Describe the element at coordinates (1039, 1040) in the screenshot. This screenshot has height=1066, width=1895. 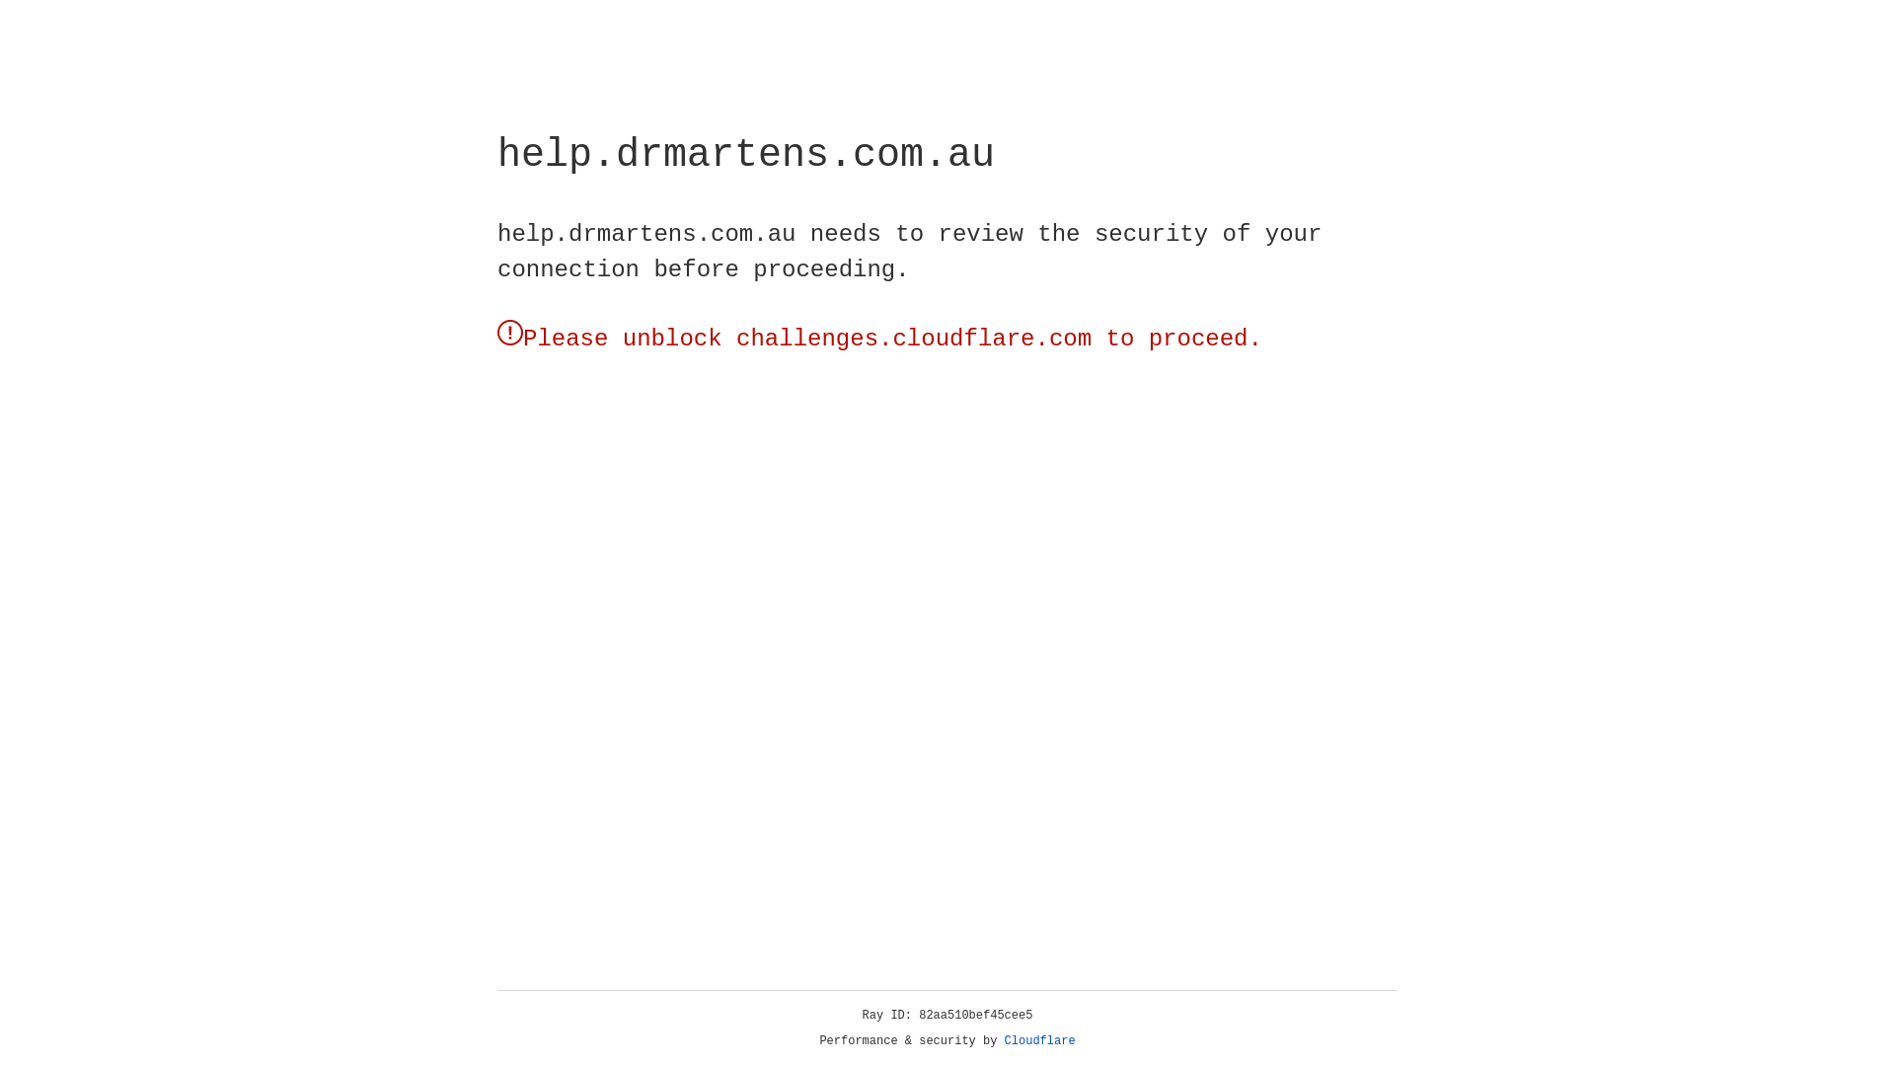
I see `'Cloudflare'` at that location.